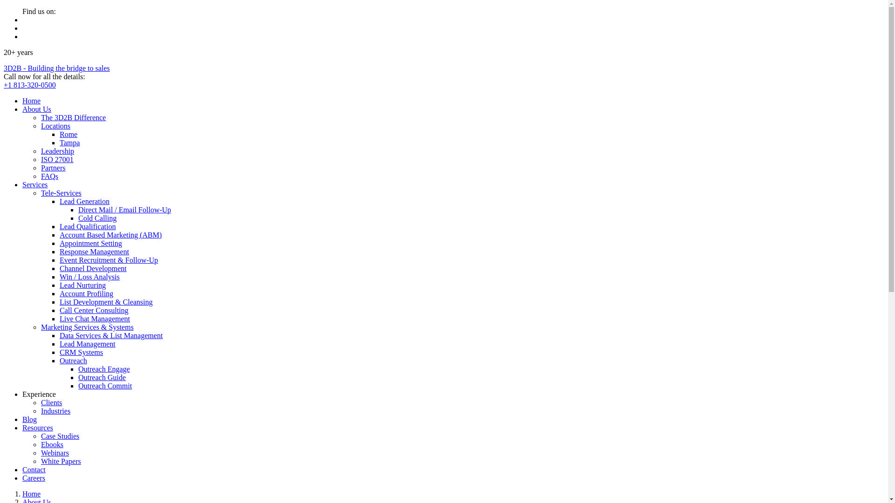  I want to click on 'Account Profiling', so click(86, 293).